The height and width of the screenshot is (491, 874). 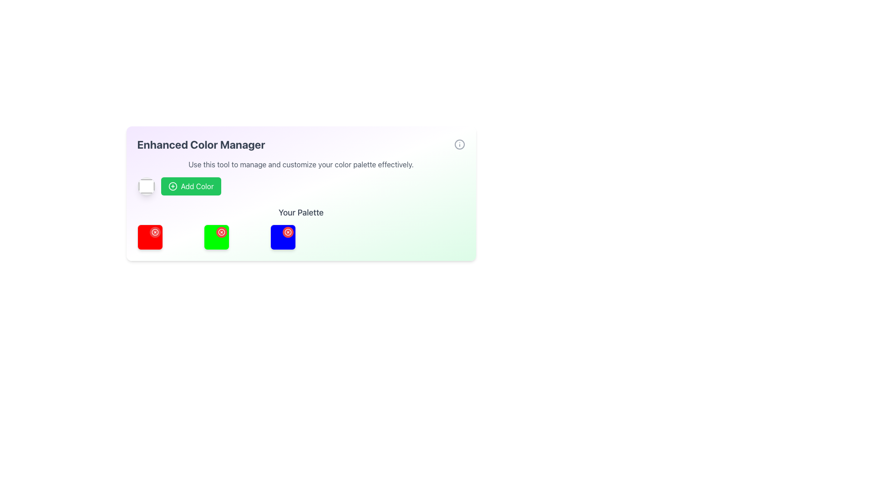 I want to click on the third item in the color palette, which is represented by a red circular icon with an X, so click(x=283, y=236).